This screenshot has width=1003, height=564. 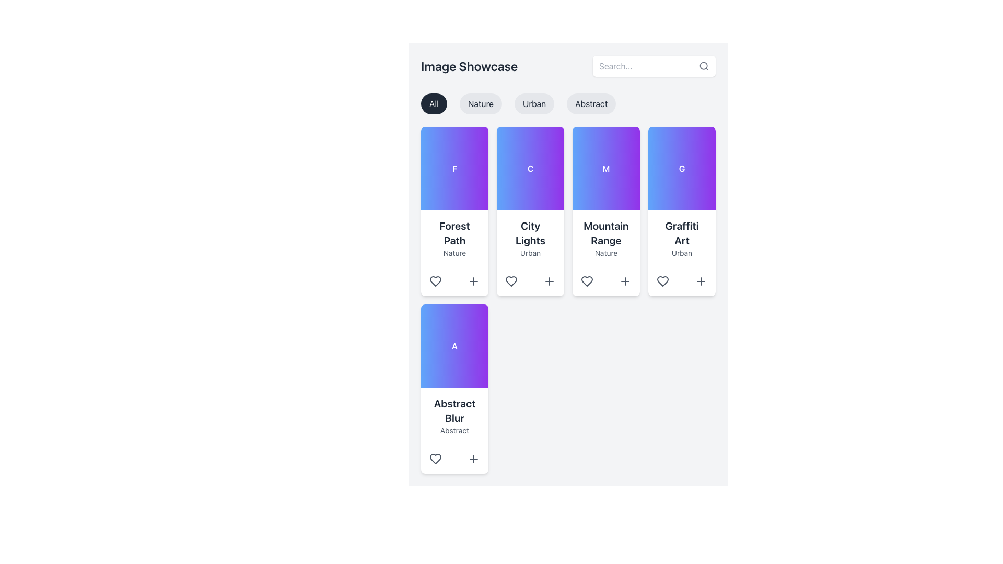 What do you see at coordinates (436, 459) in the screenshot?
I see `the 'like' button located in the footer row of the 'Abstract Blur' card to mark the associated item as a favorite` at bounding box center [436, 459].